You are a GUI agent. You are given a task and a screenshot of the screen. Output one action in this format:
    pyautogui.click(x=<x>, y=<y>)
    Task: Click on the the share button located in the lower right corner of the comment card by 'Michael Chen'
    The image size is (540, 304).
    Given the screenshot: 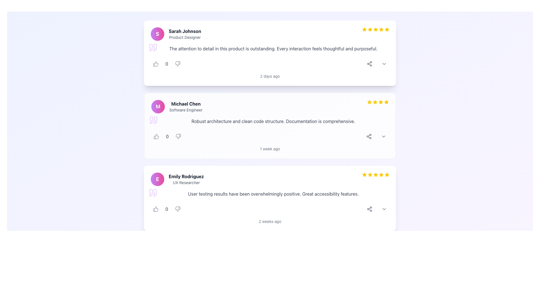 What is the action you would take?
    pyautogui.click(x=369, y=137)
    